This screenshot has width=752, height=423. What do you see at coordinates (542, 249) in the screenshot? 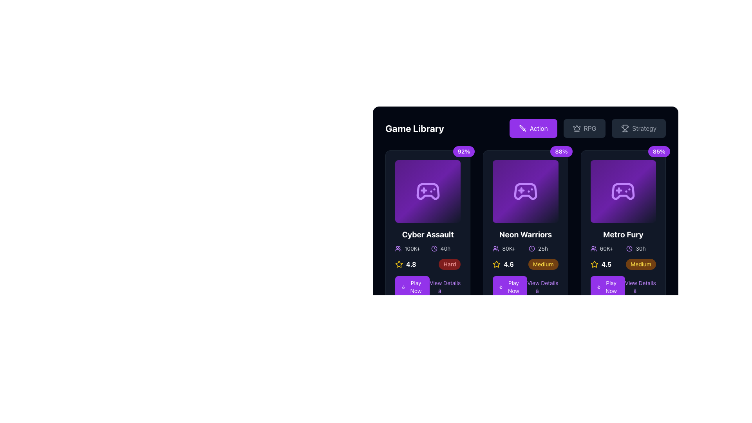
I see `the text label displaying '25h' in gray color, located within the 'Neon Warriors' game card, to the right of the clock icon` at bounding box center [542, 249].